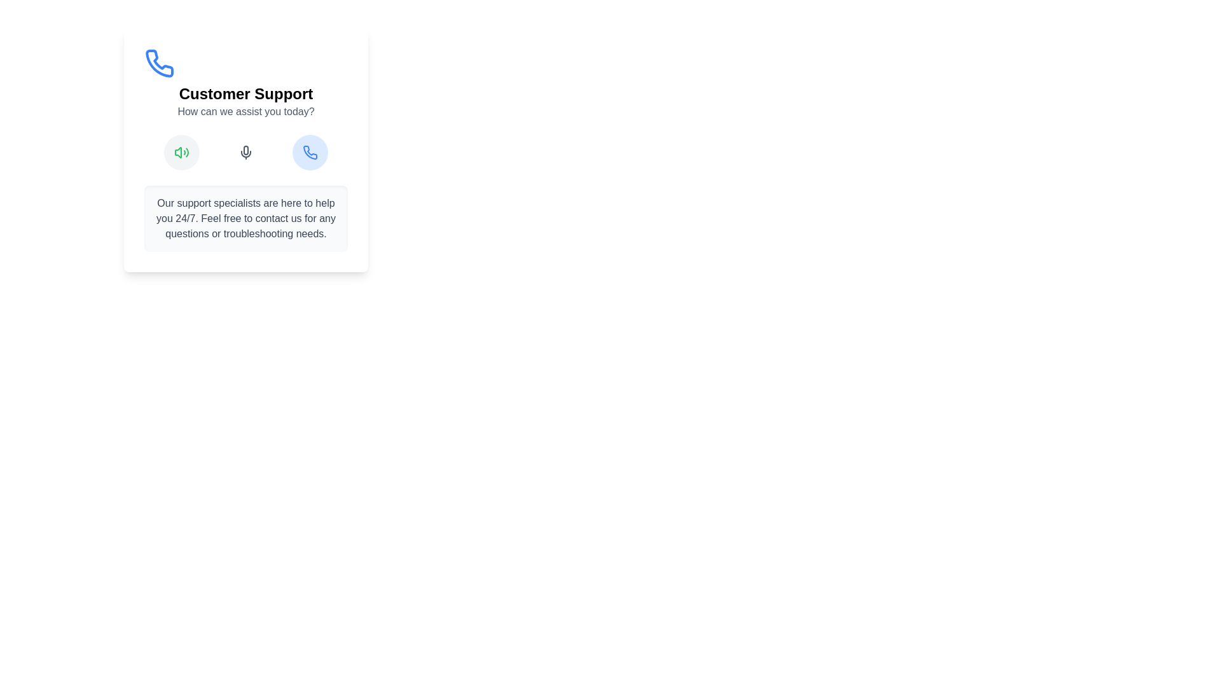 Image resolution: width=1221 pixels, height=687 pixels. Describe the element at coordinates (158, 64) in the screenshot. I see `the phone icon located at the top-left corner of the 'Customer Support' card, which is above the text 'Customer Support'` at that location.